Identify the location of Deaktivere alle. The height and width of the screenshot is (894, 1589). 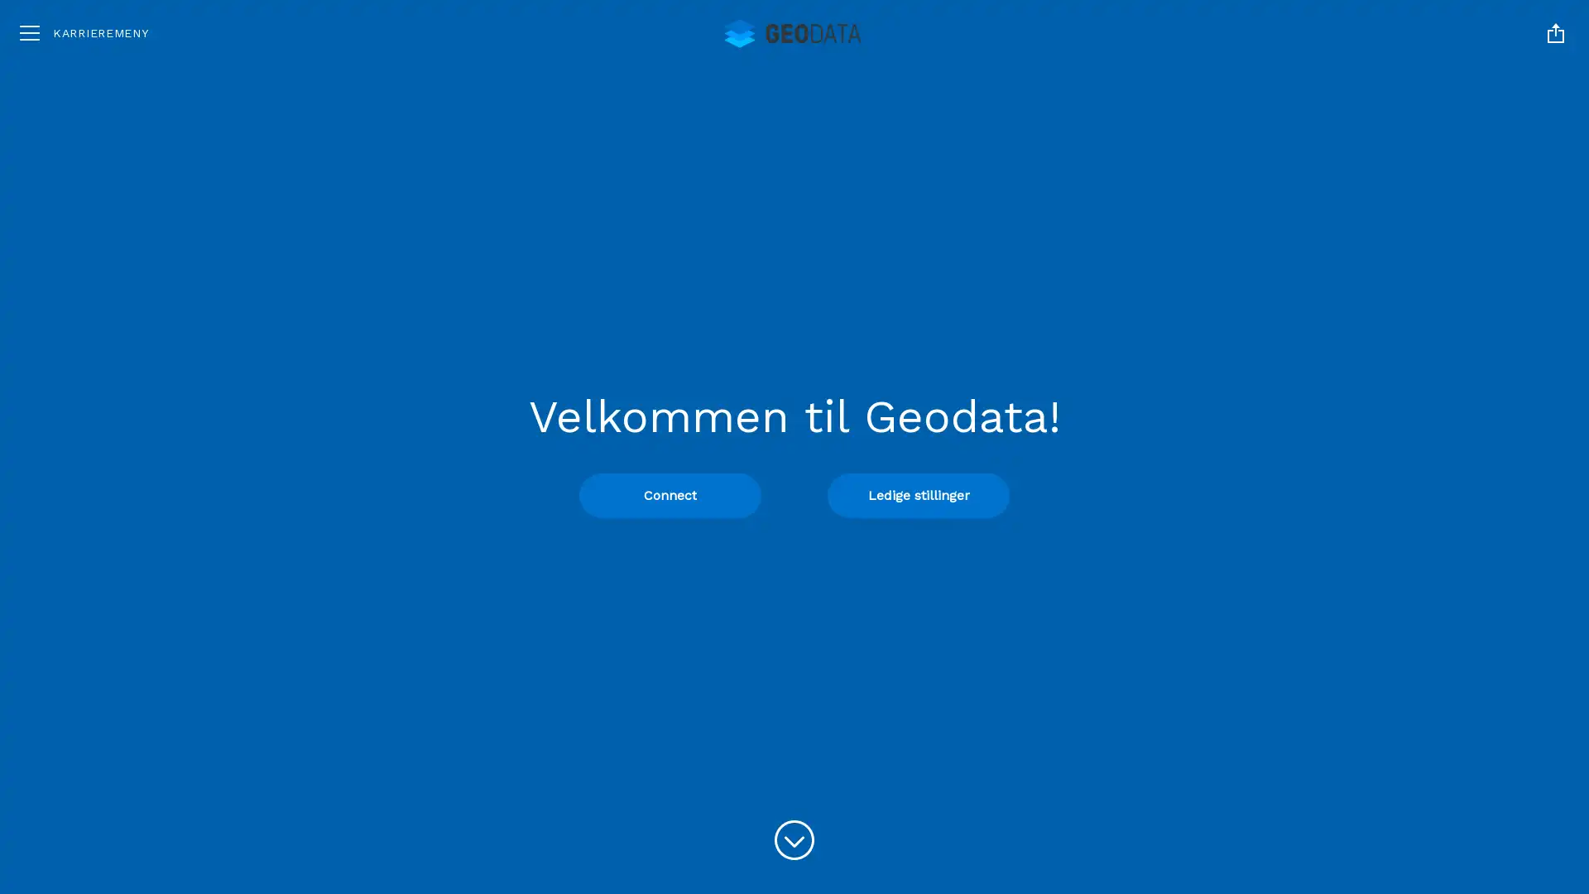
(1399, 757).